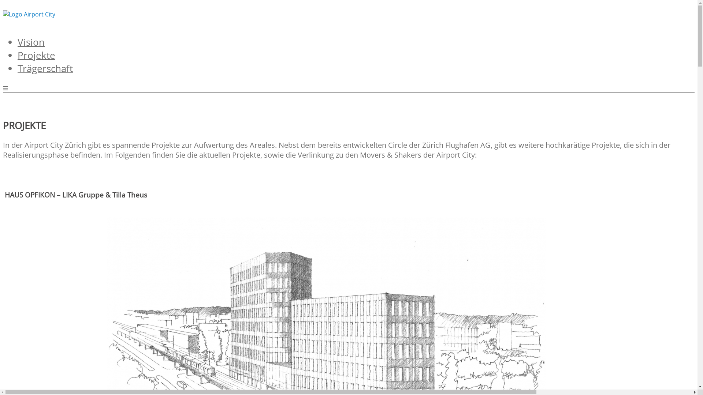 The image size is (703, 395). I want to click on 'Vision', so click(18, 39).